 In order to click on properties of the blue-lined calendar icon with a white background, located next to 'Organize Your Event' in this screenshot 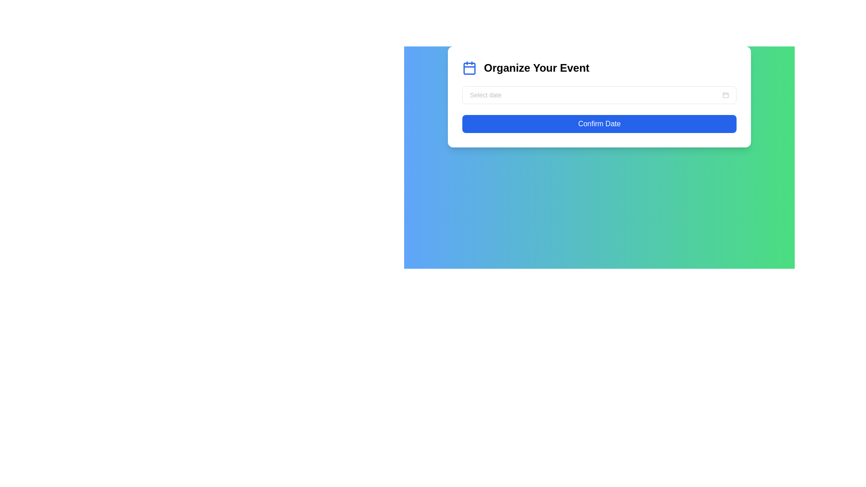, I will do `click(469, 67)`.